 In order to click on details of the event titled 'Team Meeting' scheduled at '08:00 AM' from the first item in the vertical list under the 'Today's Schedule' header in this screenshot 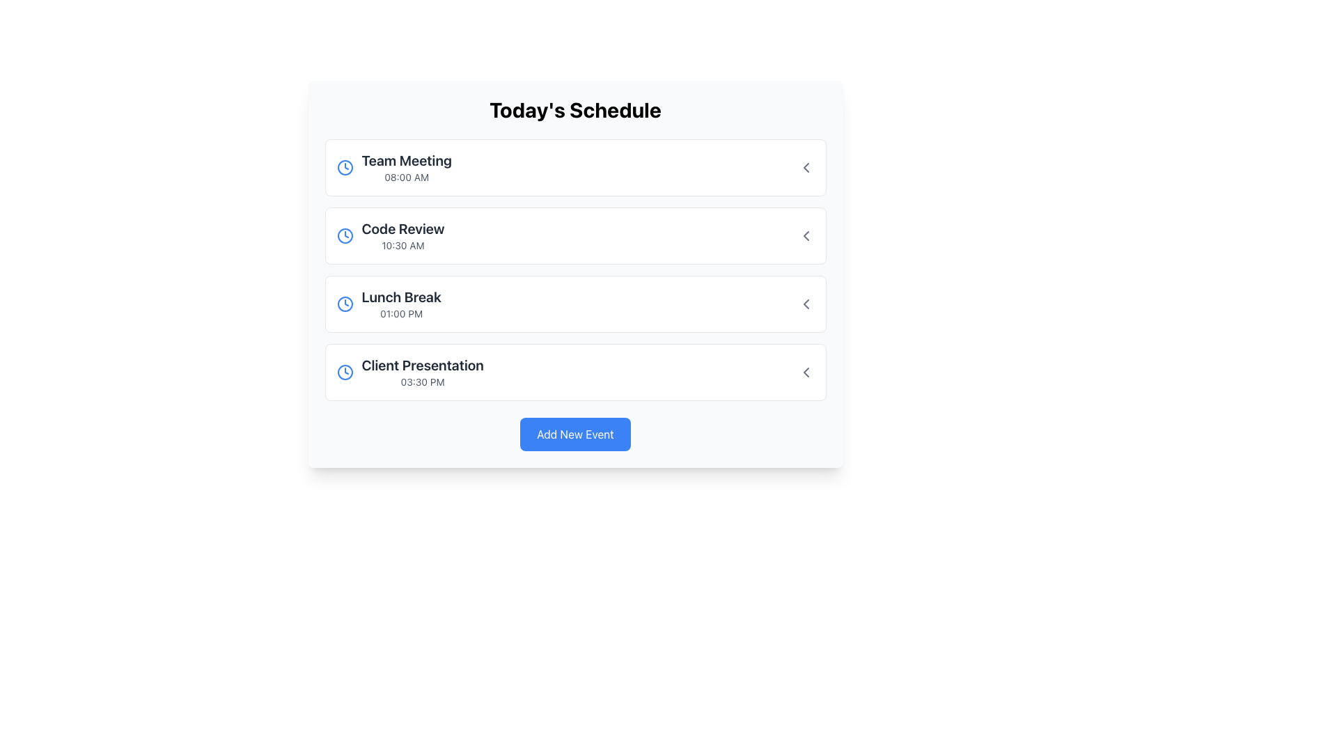, I will do `click(393, 166)`.